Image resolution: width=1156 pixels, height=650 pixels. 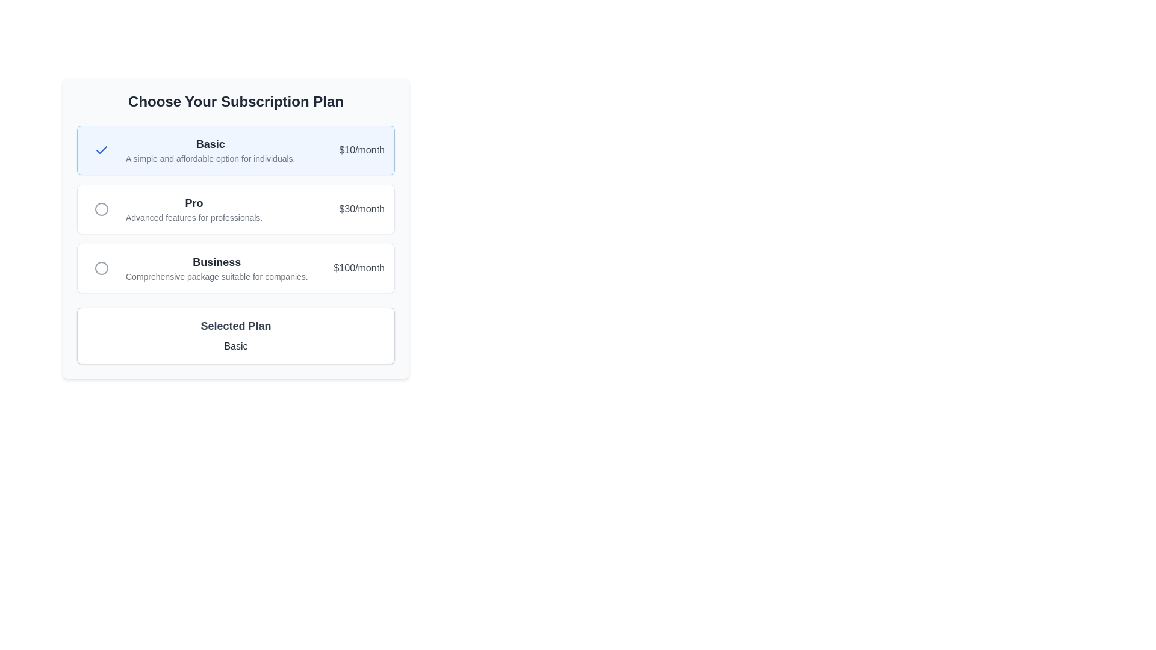 What do you see at coordinates (101, 208) in the screenshot?
I see `the radio button for the 'Pro' subscription plan, which is located adjacent to the text 'Pro' and 'Advanced features for professionals.'` at bounding box center [101, 208].